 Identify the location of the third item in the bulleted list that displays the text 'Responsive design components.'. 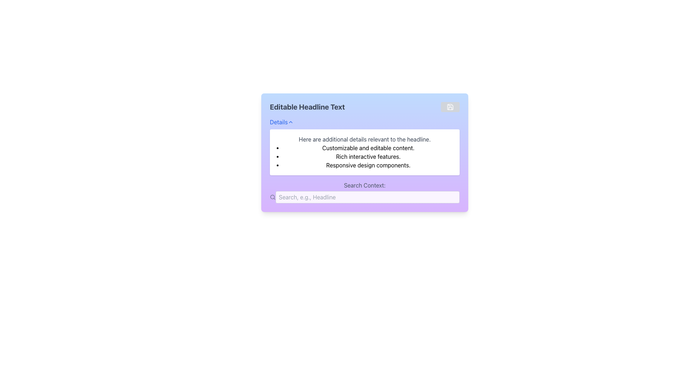
(368, 165).